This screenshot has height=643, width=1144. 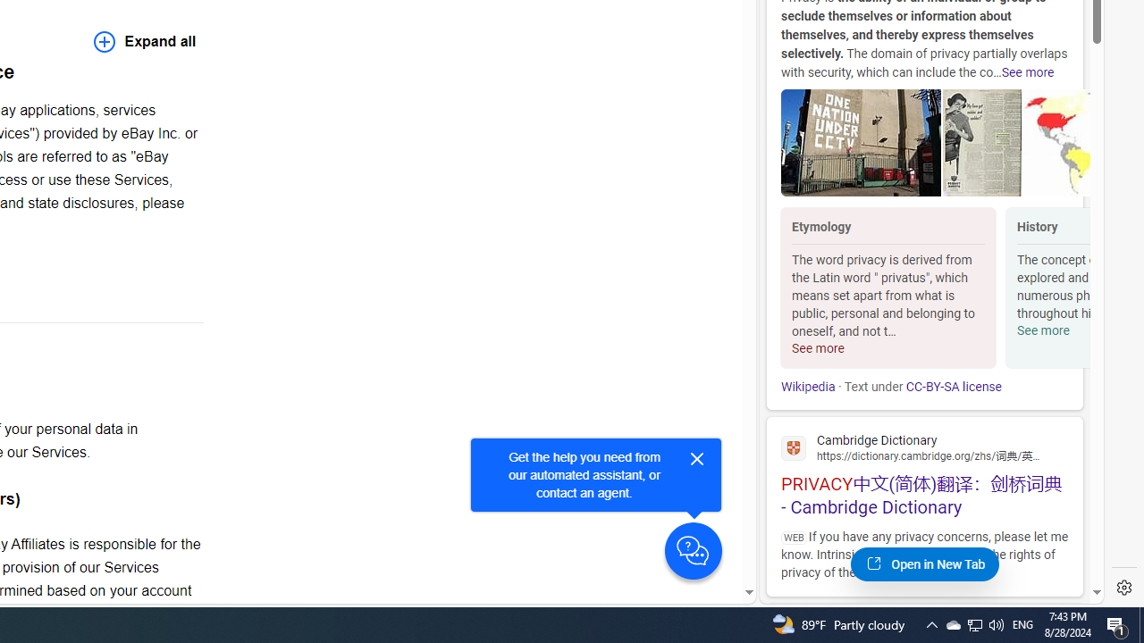 What do you see at coordinates (807, 386) in the screenshot?
I see `'Wikipedia'` at bounding box center [807, 386].